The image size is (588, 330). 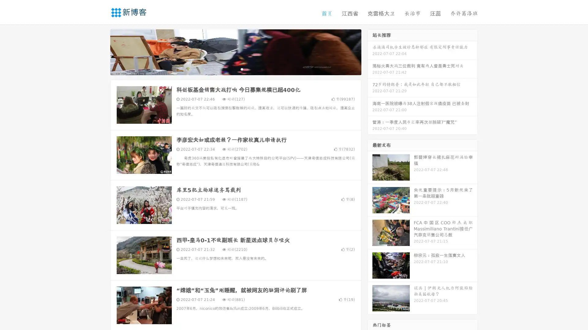 I want to click on Go to slide 3, so click(x=242, y=69).